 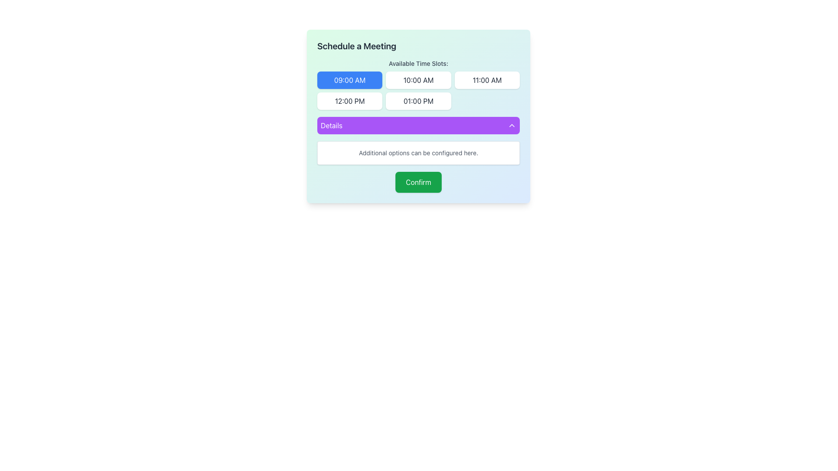 What do you see at coordinates (418, 63) in the screenshot?
I see `the descriptive text label located in the 'Schedule a Meeting' section, which indicates the purpose of the time slot selection below it` at bounding box center [418, 63].